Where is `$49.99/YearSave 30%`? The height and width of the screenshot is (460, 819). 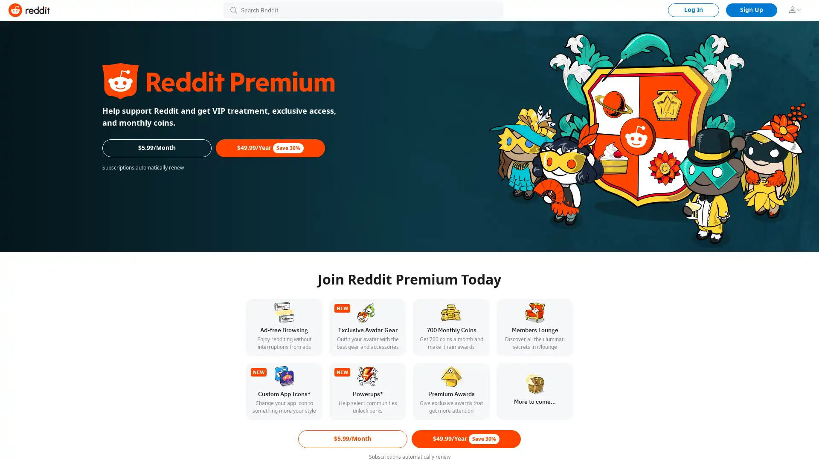 $49.99/YearSave 30% is located at coordinates (466, 439).